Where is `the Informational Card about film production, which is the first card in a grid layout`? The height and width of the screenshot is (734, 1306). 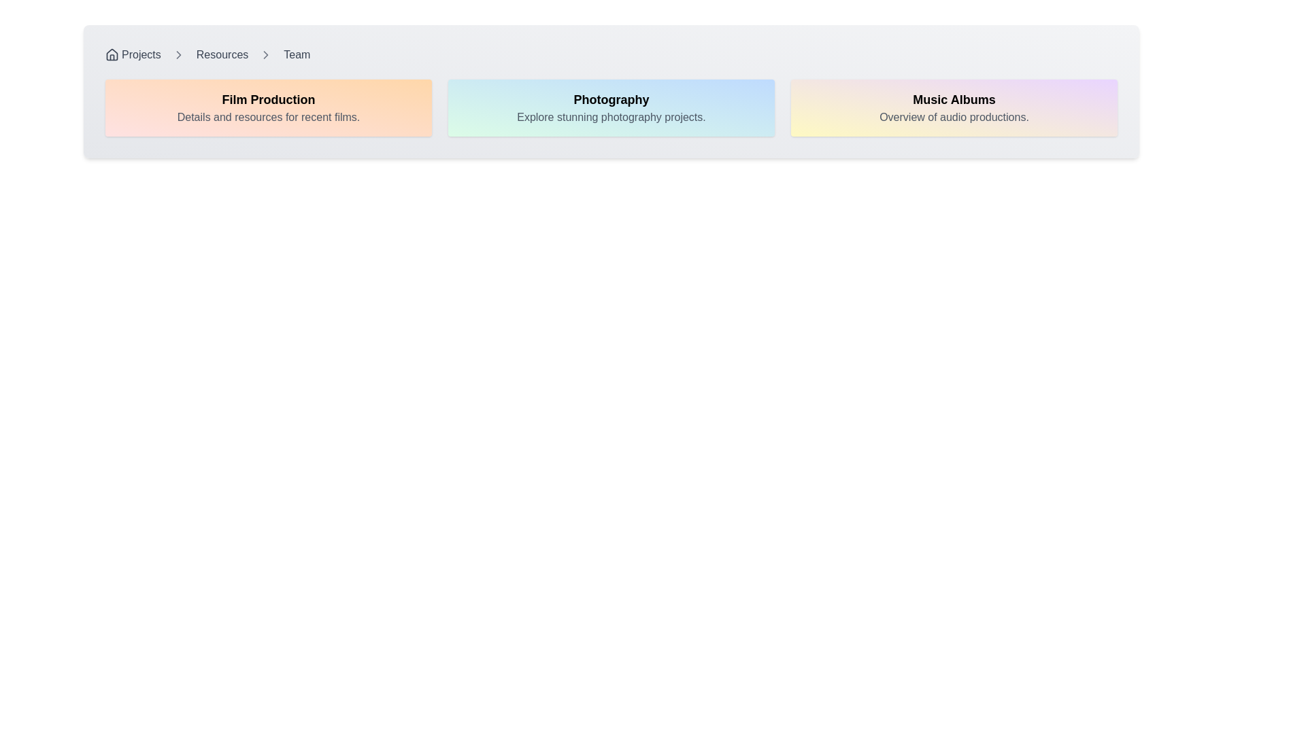
the Informational Card about film production, which is the first card in a grid layout is located at coordinates (268, 107).